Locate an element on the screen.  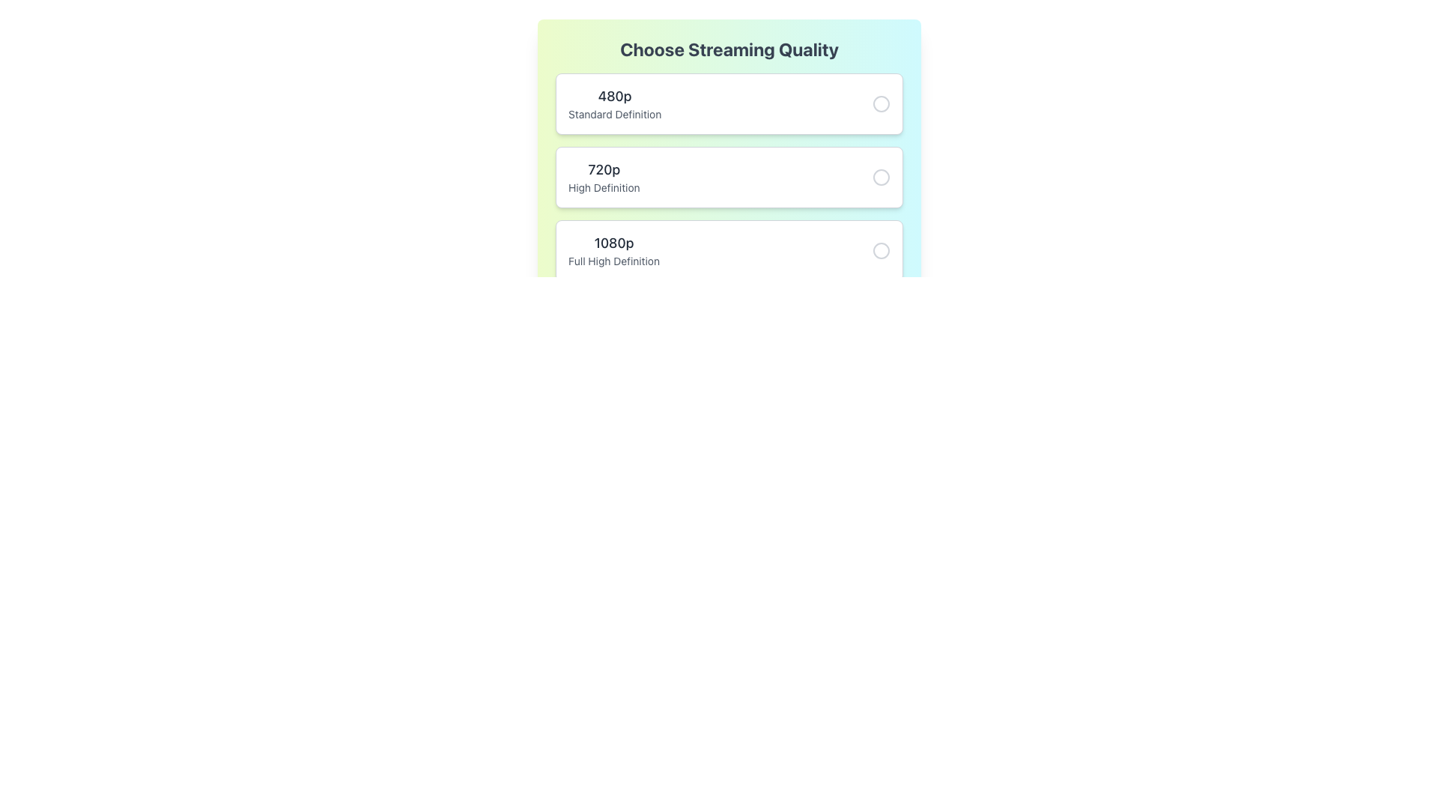
the first selectable quality option for streaming, labeled '480p Standard Definition' is located at coordinates (615, 103).